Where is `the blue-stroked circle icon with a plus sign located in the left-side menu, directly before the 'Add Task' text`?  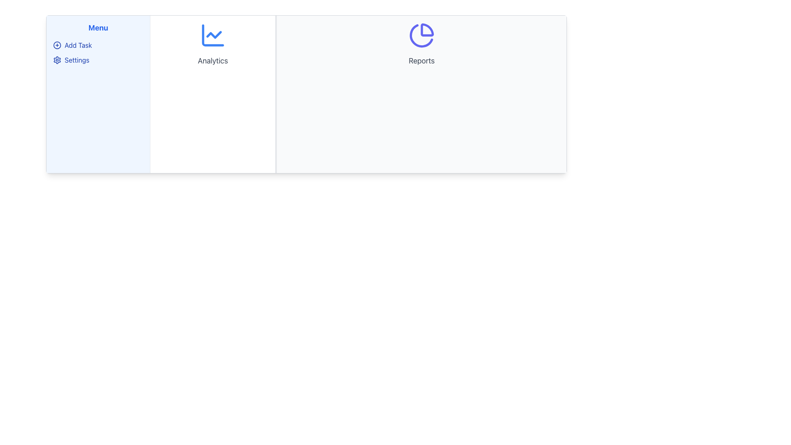
the blue-stroked circle icon with a plus sign located in the left-side menu, directly before the 'Add Task' text is located at coordinates (57, 45).